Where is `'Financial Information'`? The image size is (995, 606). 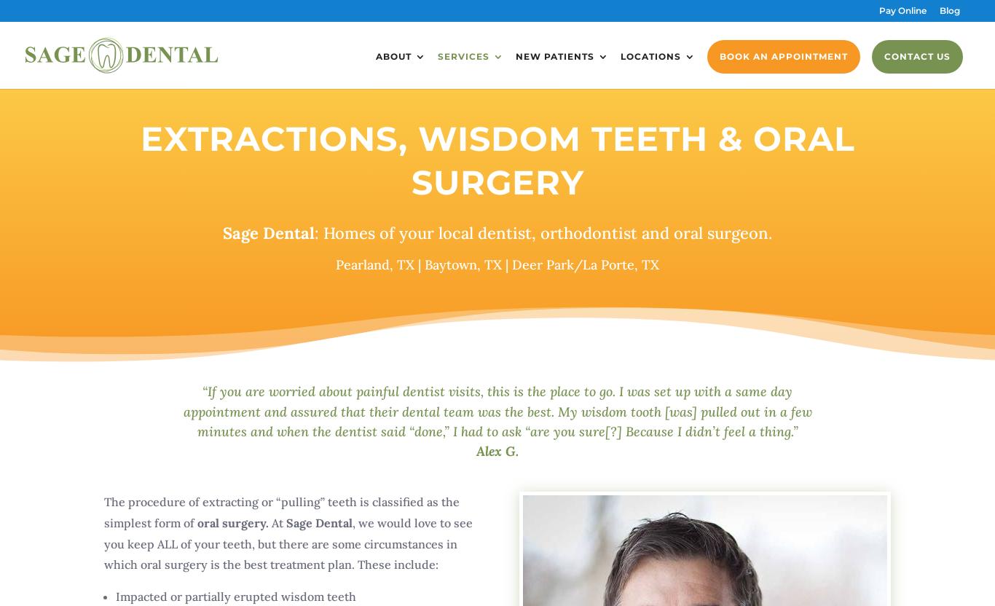 'Financial Information' is located at coordinates (538, 109).